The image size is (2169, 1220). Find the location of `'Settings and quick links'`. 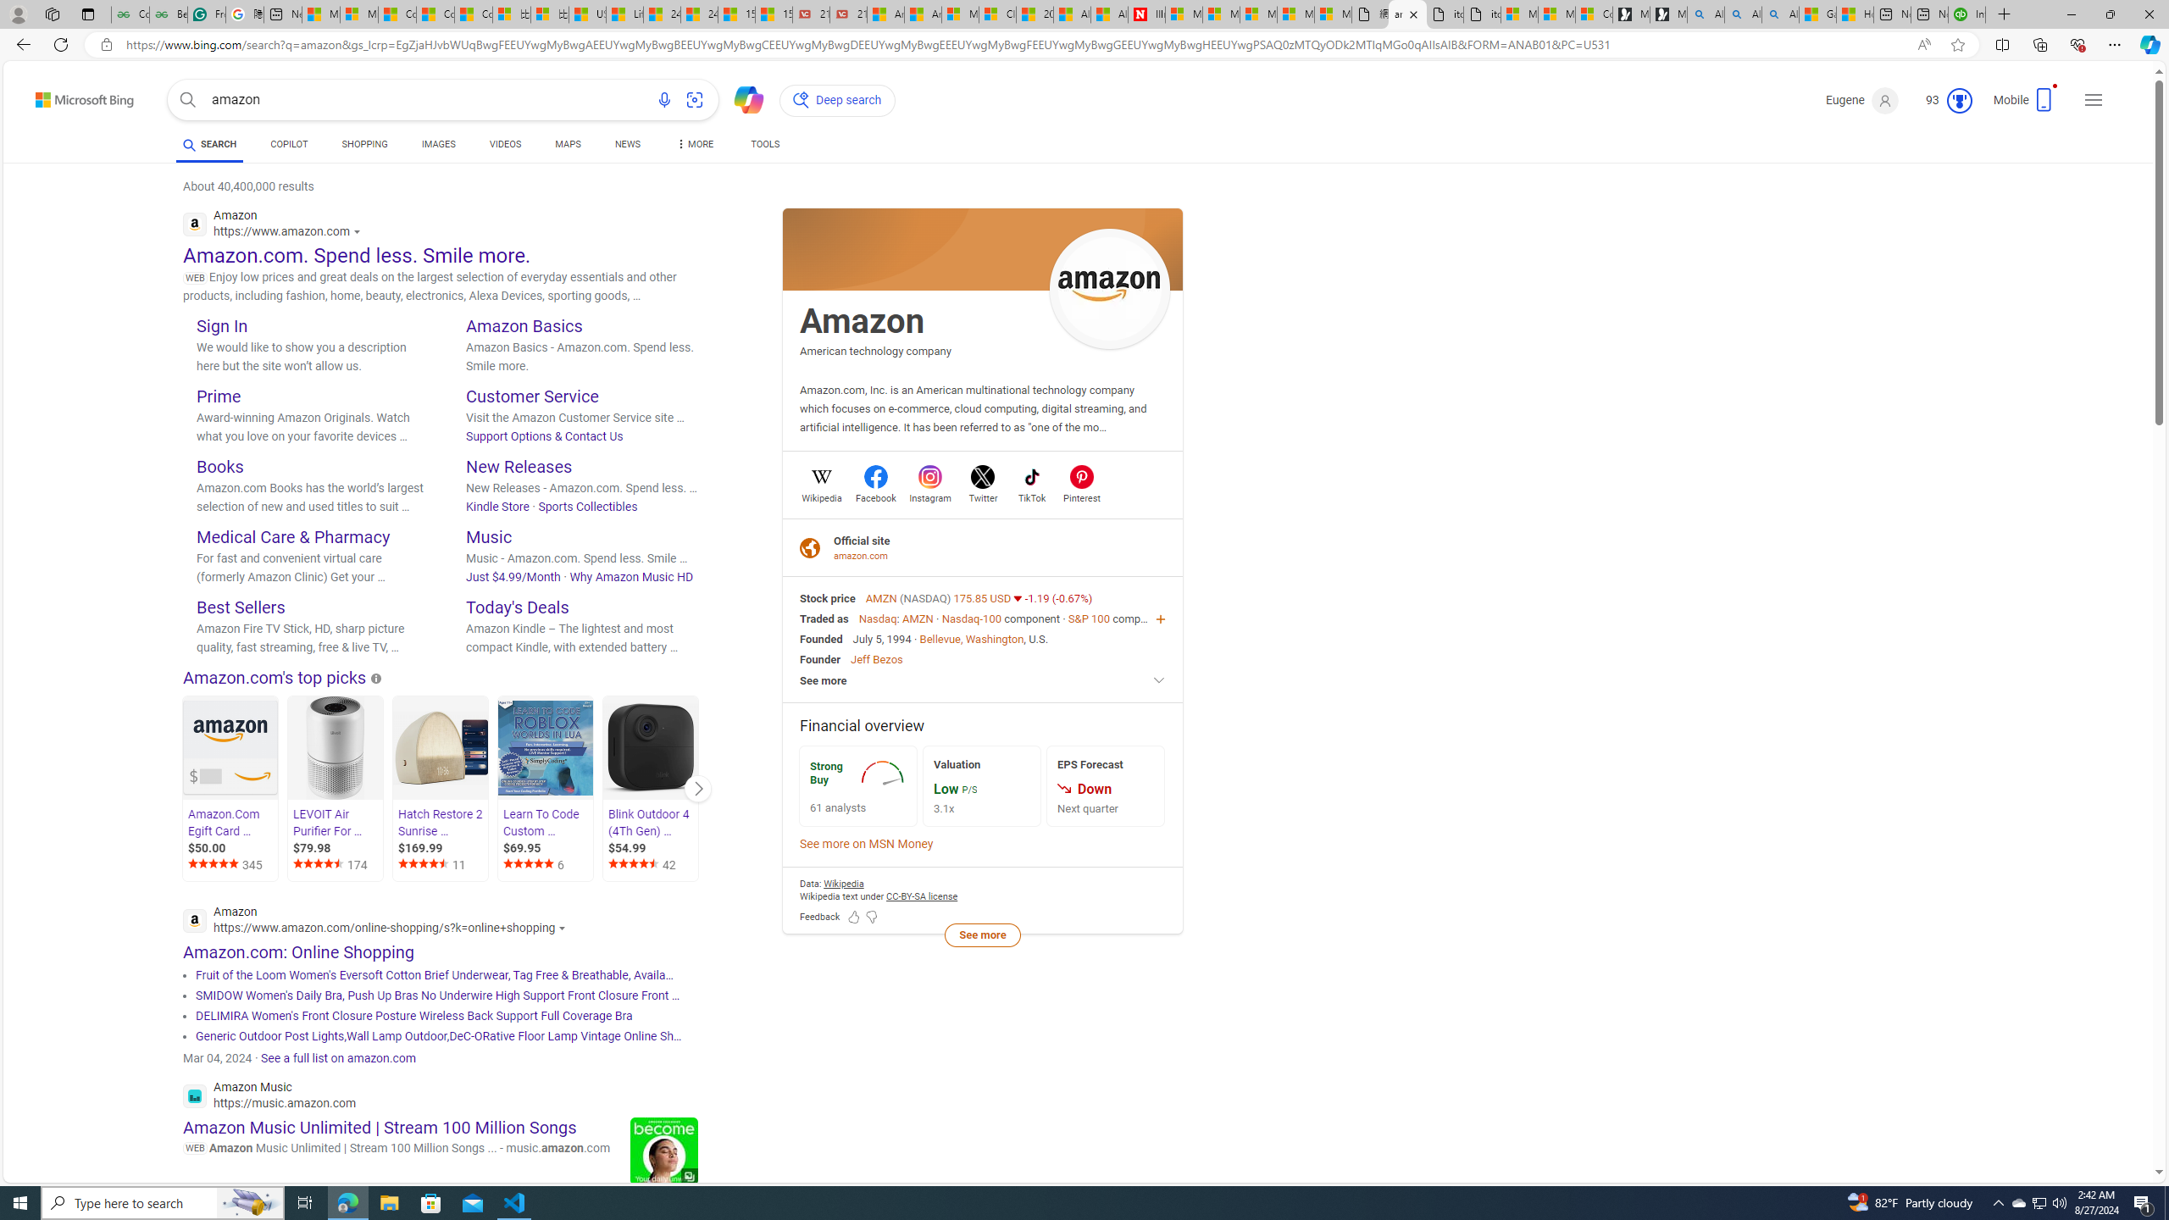

'Settings and quick links' is located at coordinates (2093, 100).